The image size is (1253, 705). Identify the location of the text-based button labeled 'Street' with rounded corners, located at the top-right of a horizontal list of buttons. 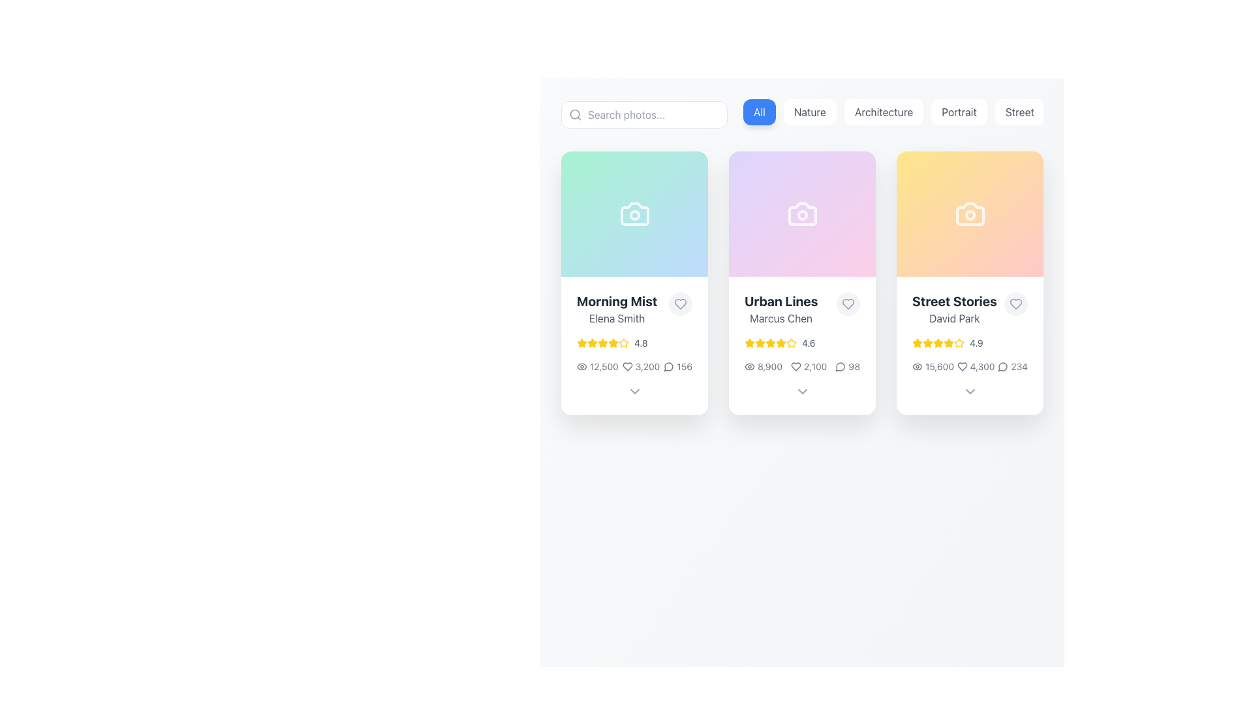
(1019, 112).